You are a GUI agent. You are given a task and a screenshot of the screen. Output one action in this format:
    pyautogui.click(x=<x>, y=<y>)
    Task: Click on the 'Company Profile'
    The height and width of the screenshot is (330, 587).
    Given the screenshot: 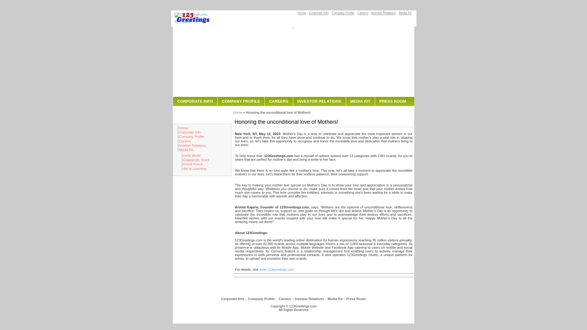 What is the action you would take?
    pyautogui.click(x=261, y=299)
    